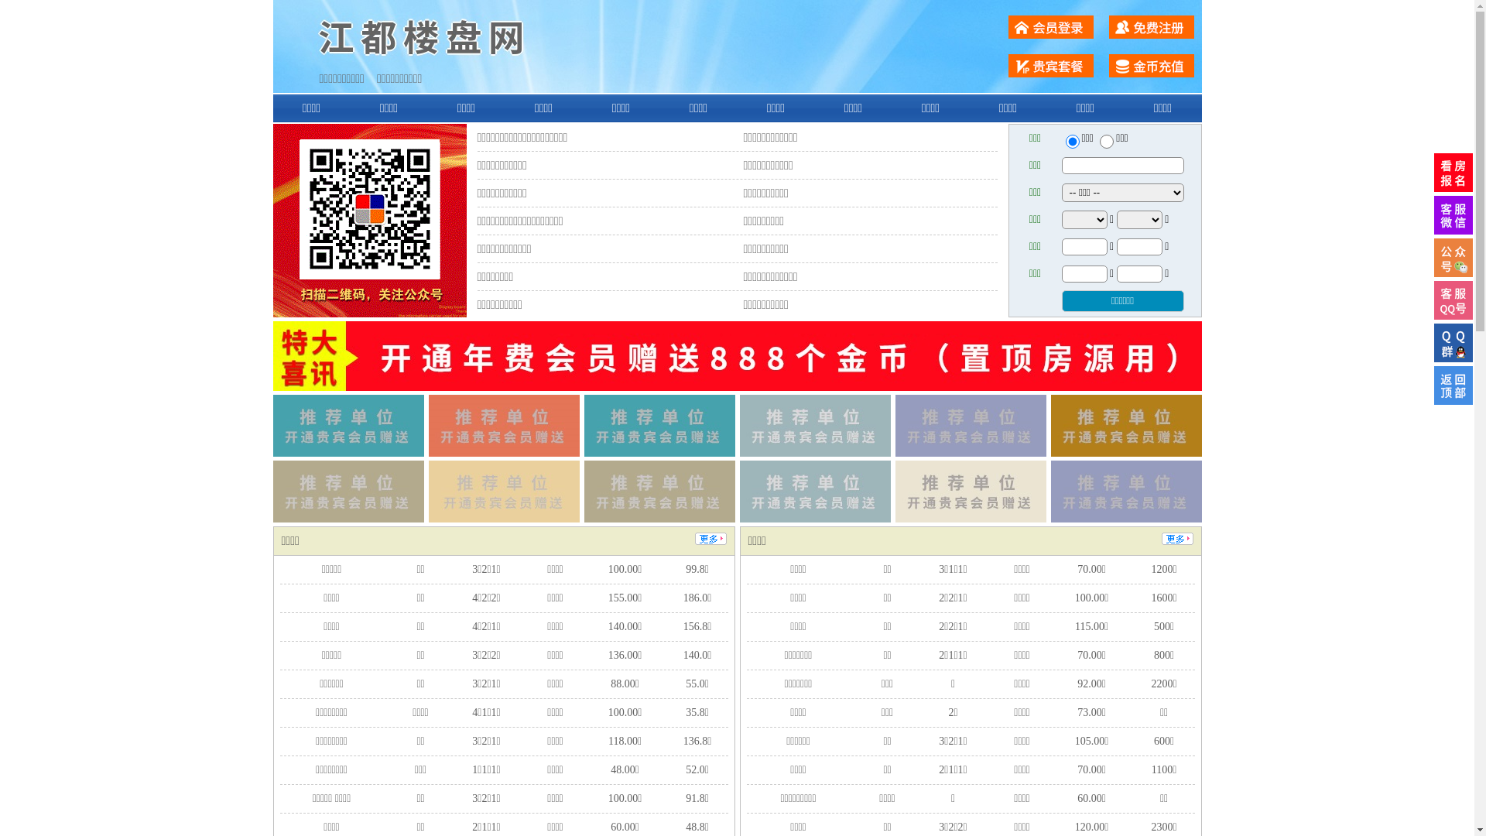 The width and height of the screenshot is (1486, 836). What do you see at coordinates (1071, 141) in the screenshot?
I see `'ershou'` at bounding box center [1071, 141].